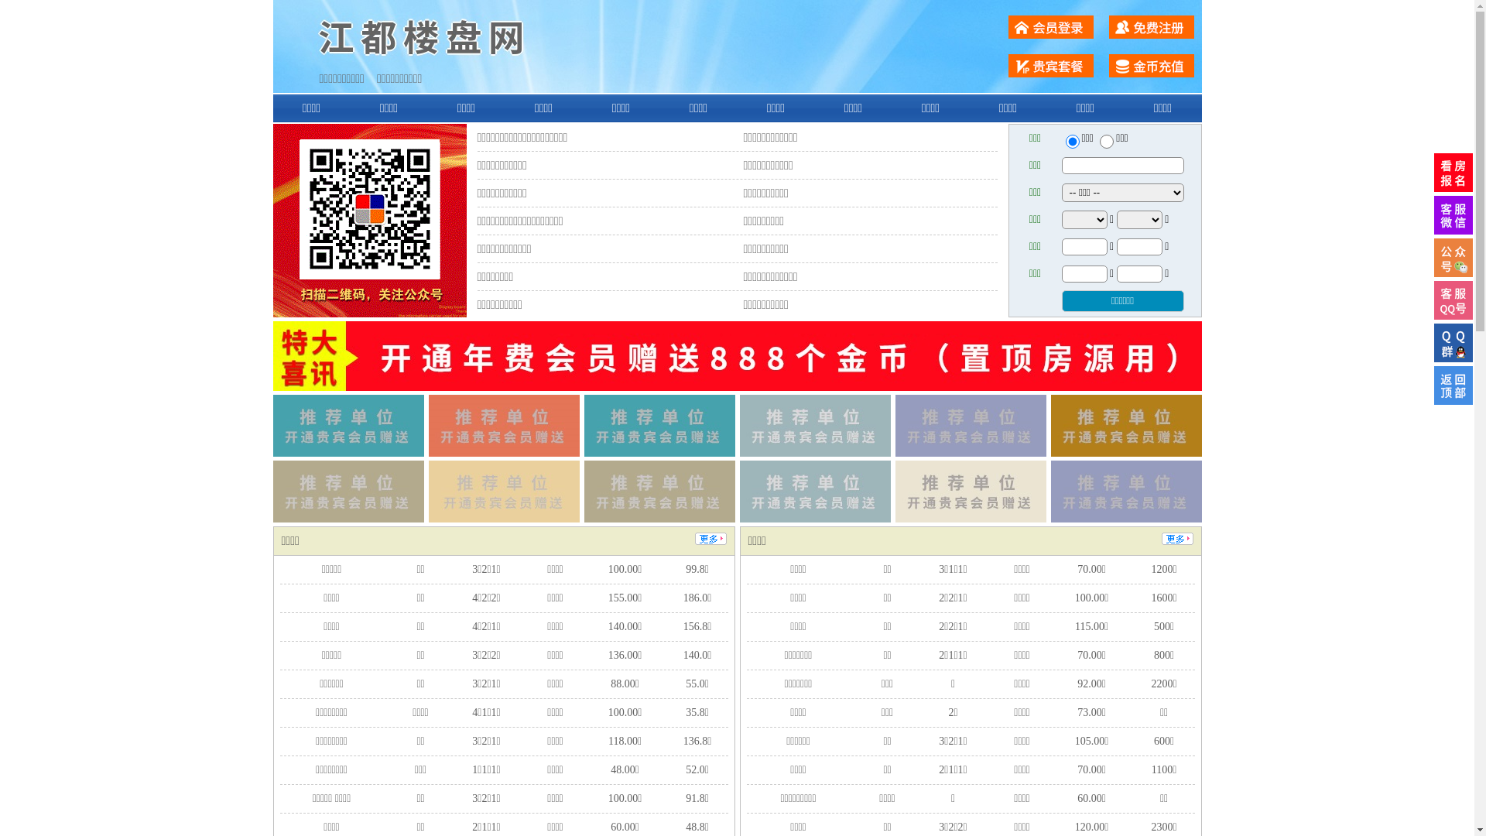 The width and height of the screenshot is (1486, 836). What do you see at coordinates (1071, 141) in the screenshot?
I see `'ershou'` at bounding box center [1071, 141].